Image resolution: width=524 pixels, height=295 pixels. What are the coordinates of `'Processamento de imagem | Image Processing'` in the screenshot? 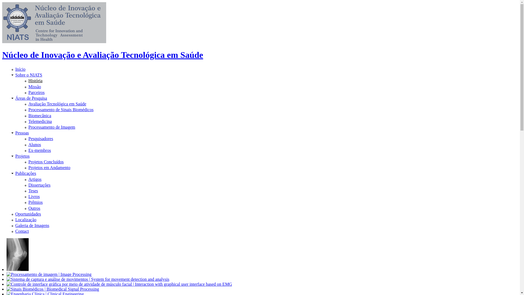 It's located at (49, 275).